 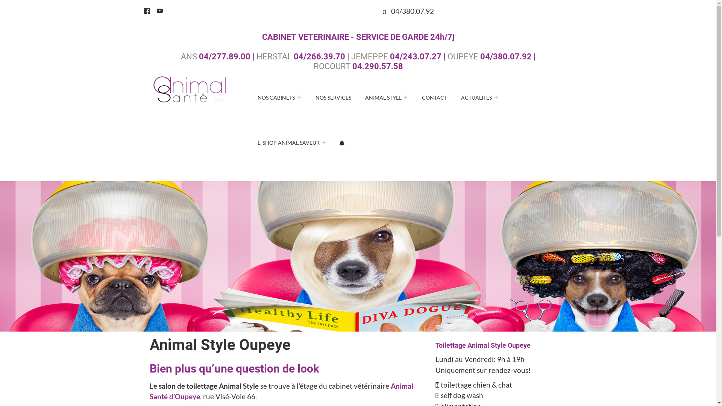 What do you see at coordinates (279, 97) in the screenshot?
I see `'NOS CABINETS'` at bounding box center [279, 97].